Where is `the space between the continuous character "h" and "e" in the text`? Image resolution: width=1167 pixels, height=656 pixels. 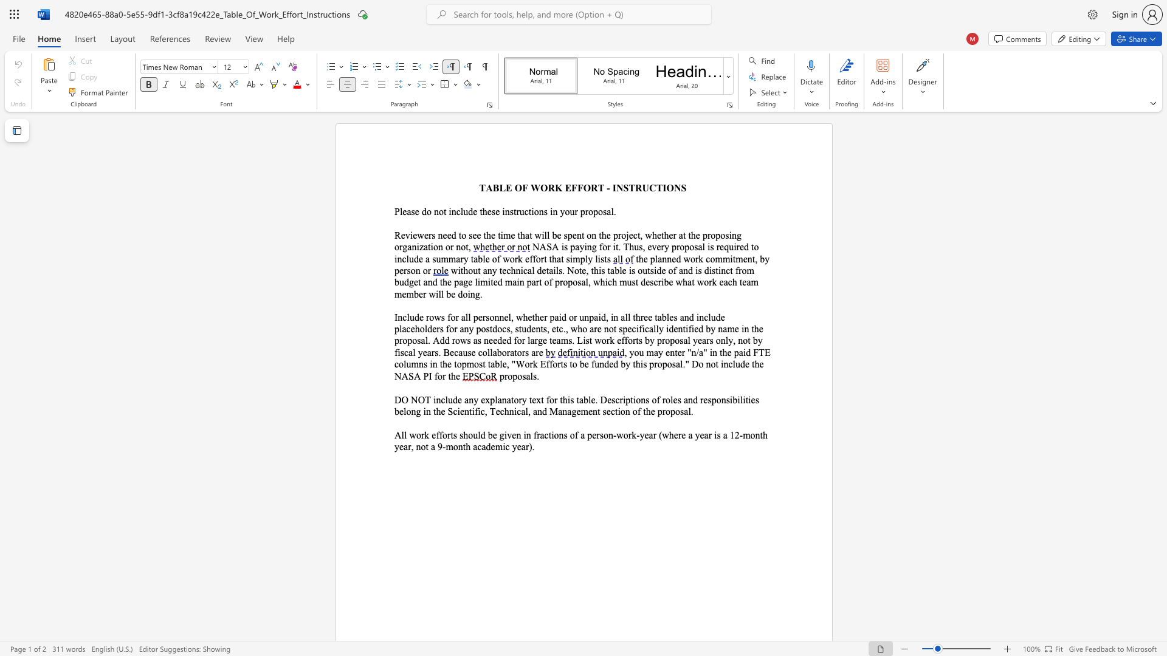 the space between the continuous character "h" and "e" in the text is located at coordinates (487, 211).